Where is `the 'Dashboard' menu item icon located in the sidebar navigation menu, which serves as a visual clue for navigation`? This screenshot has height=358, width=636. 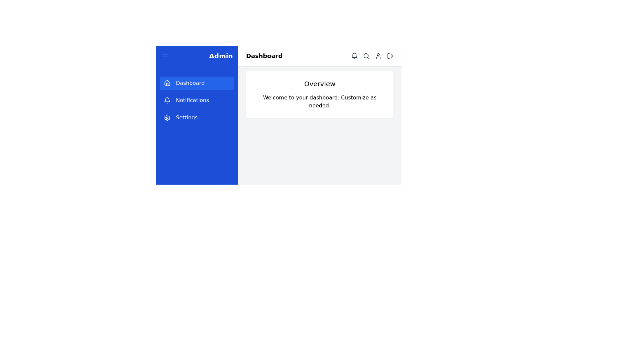
the 'Dashboard' menu item icon located in the sidebar navigation menu, which serves as a visual clue for navigation is located at coordinates (167, 83).